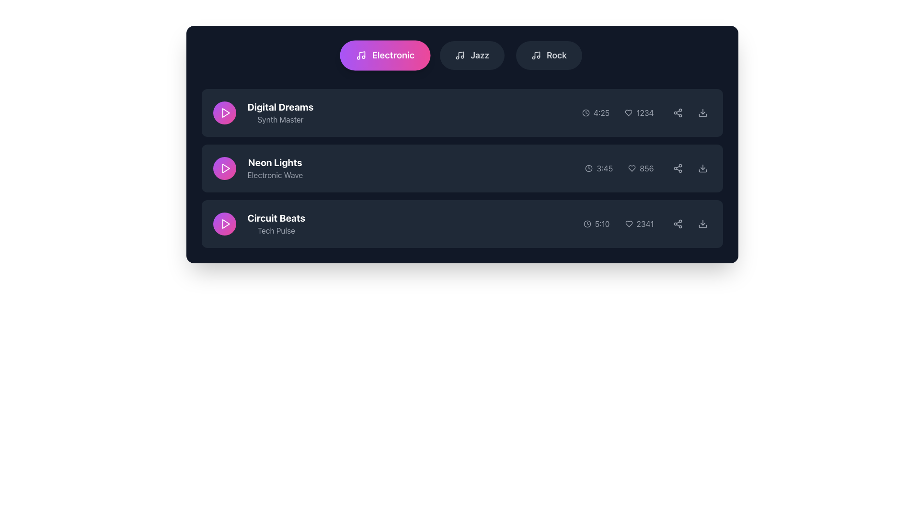 The image size is (920, 517). Describe the element at coordinates (258, 168) in the screenshot. I see `the text block displaying the title and subtitle of the media track located in the second item of the list in the 'Electronic' category, situated between 'Digital Dreams' and 'Circuit Beats'` at that location.